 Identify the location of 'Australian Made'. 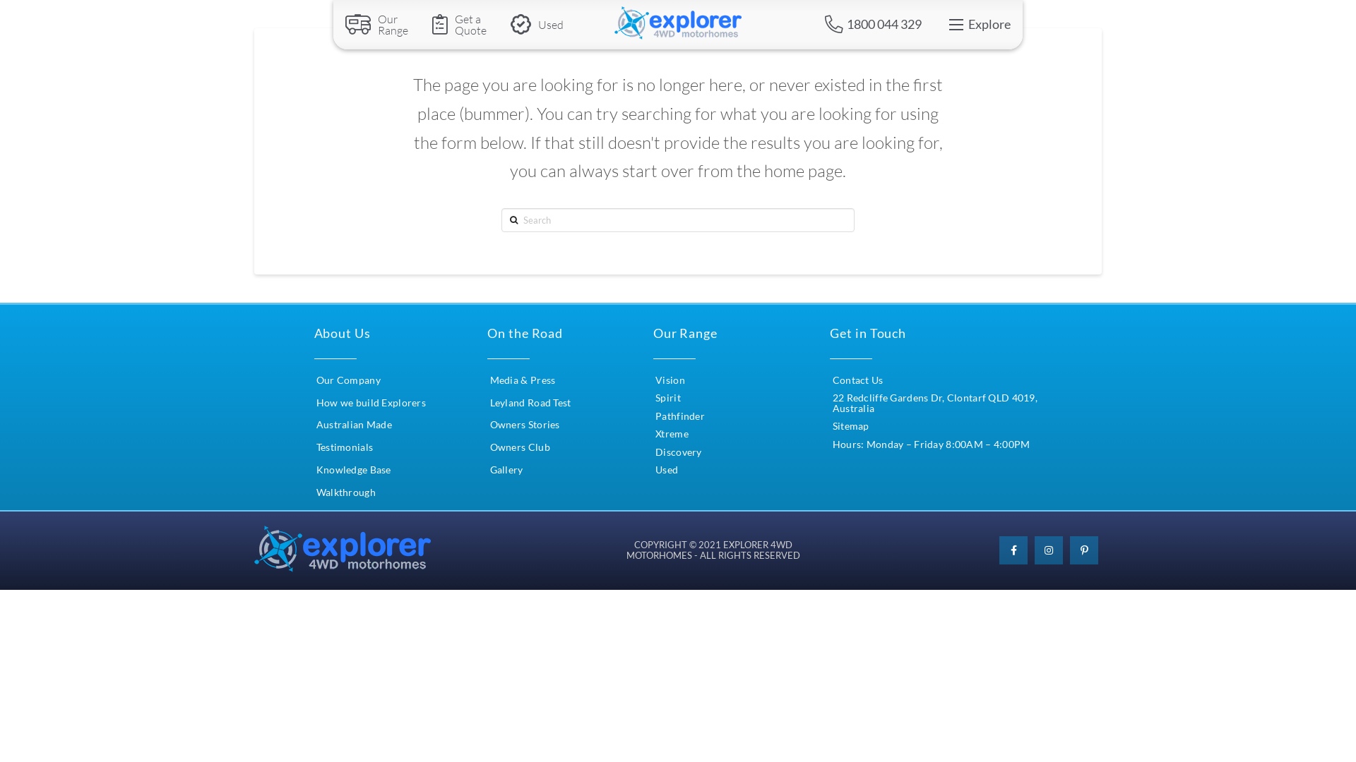
(353, 424).